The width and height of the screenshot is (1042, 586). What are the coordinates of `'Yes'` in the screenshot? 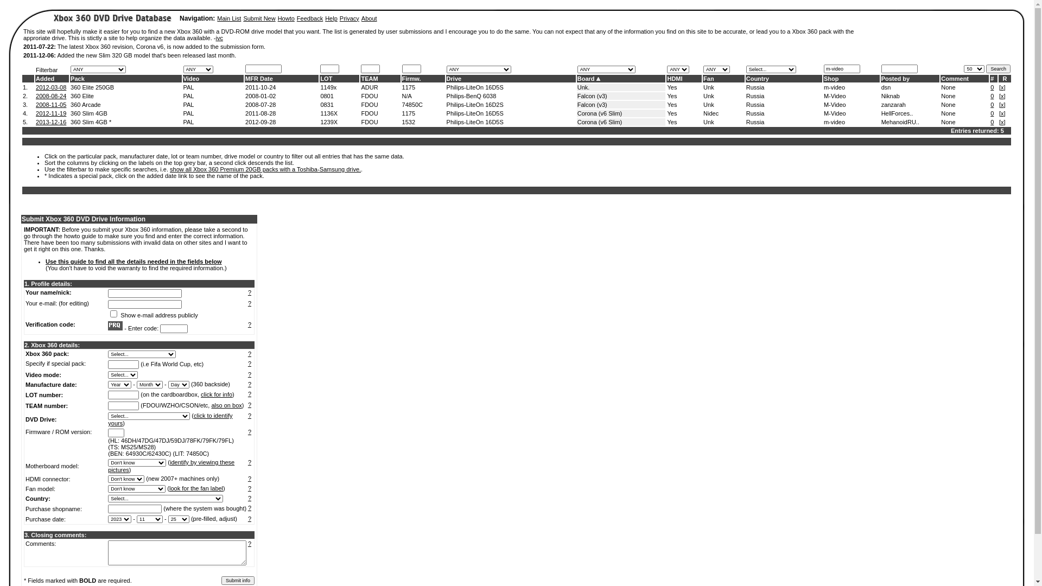 It's located at (666, 95).